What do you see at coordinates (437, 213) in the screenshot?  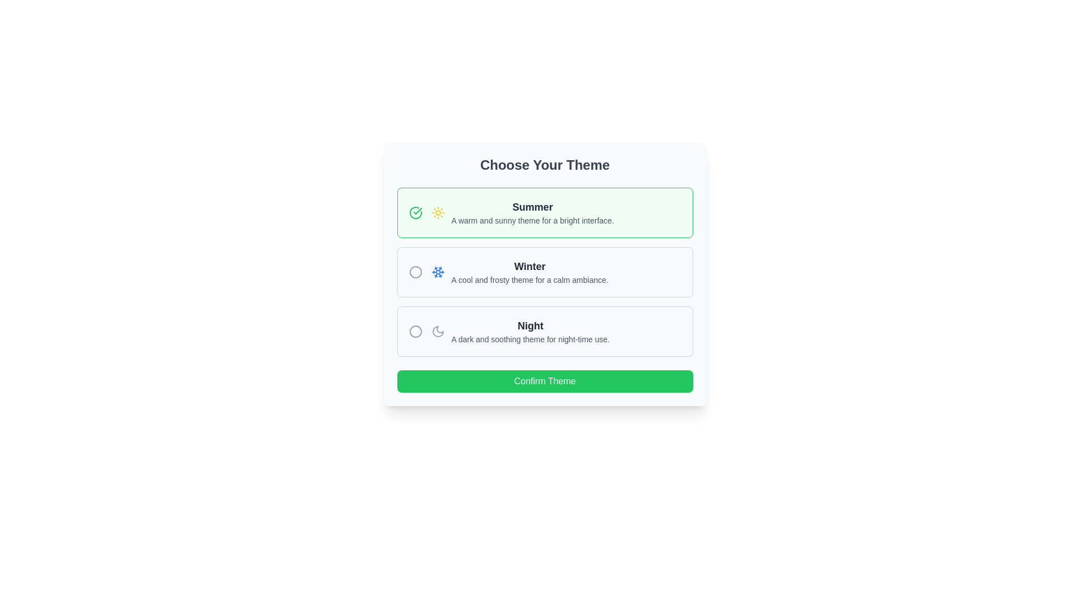 I see `the 'Summer' theme icon located to the left of the text 'Summer' in the 'Choose Your Theme' section` at bounding box center [437, 213].